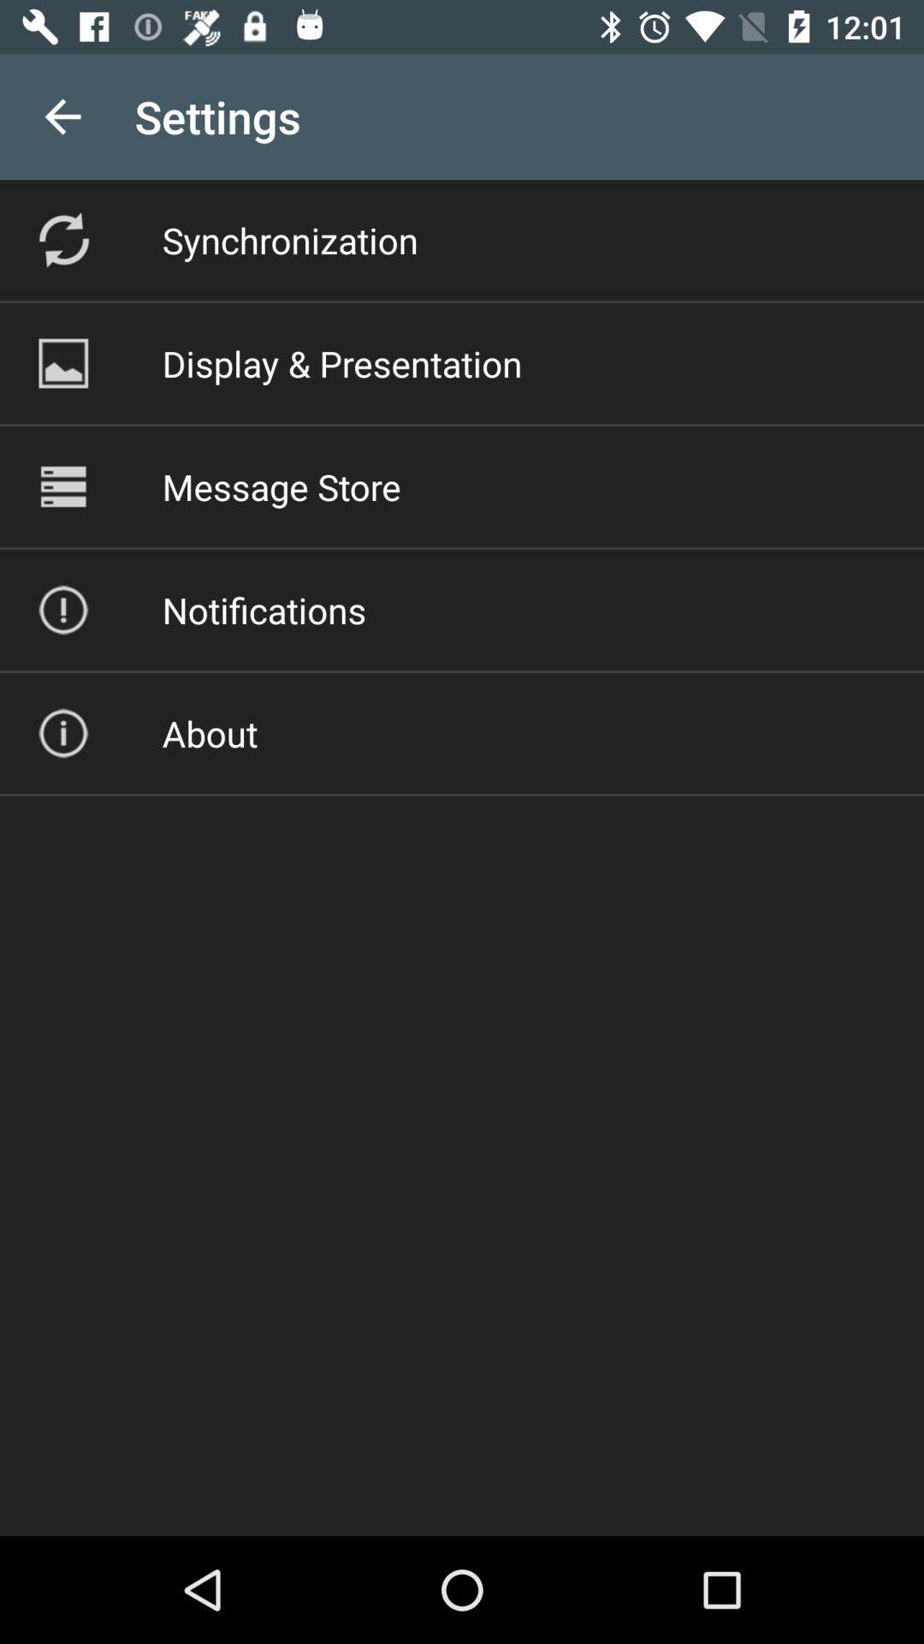 The width and height of the screenshot is (924, 1644). Describe the element at coordinates (62, 116) in the screenshot. I see `item next to settings icon` at that location.